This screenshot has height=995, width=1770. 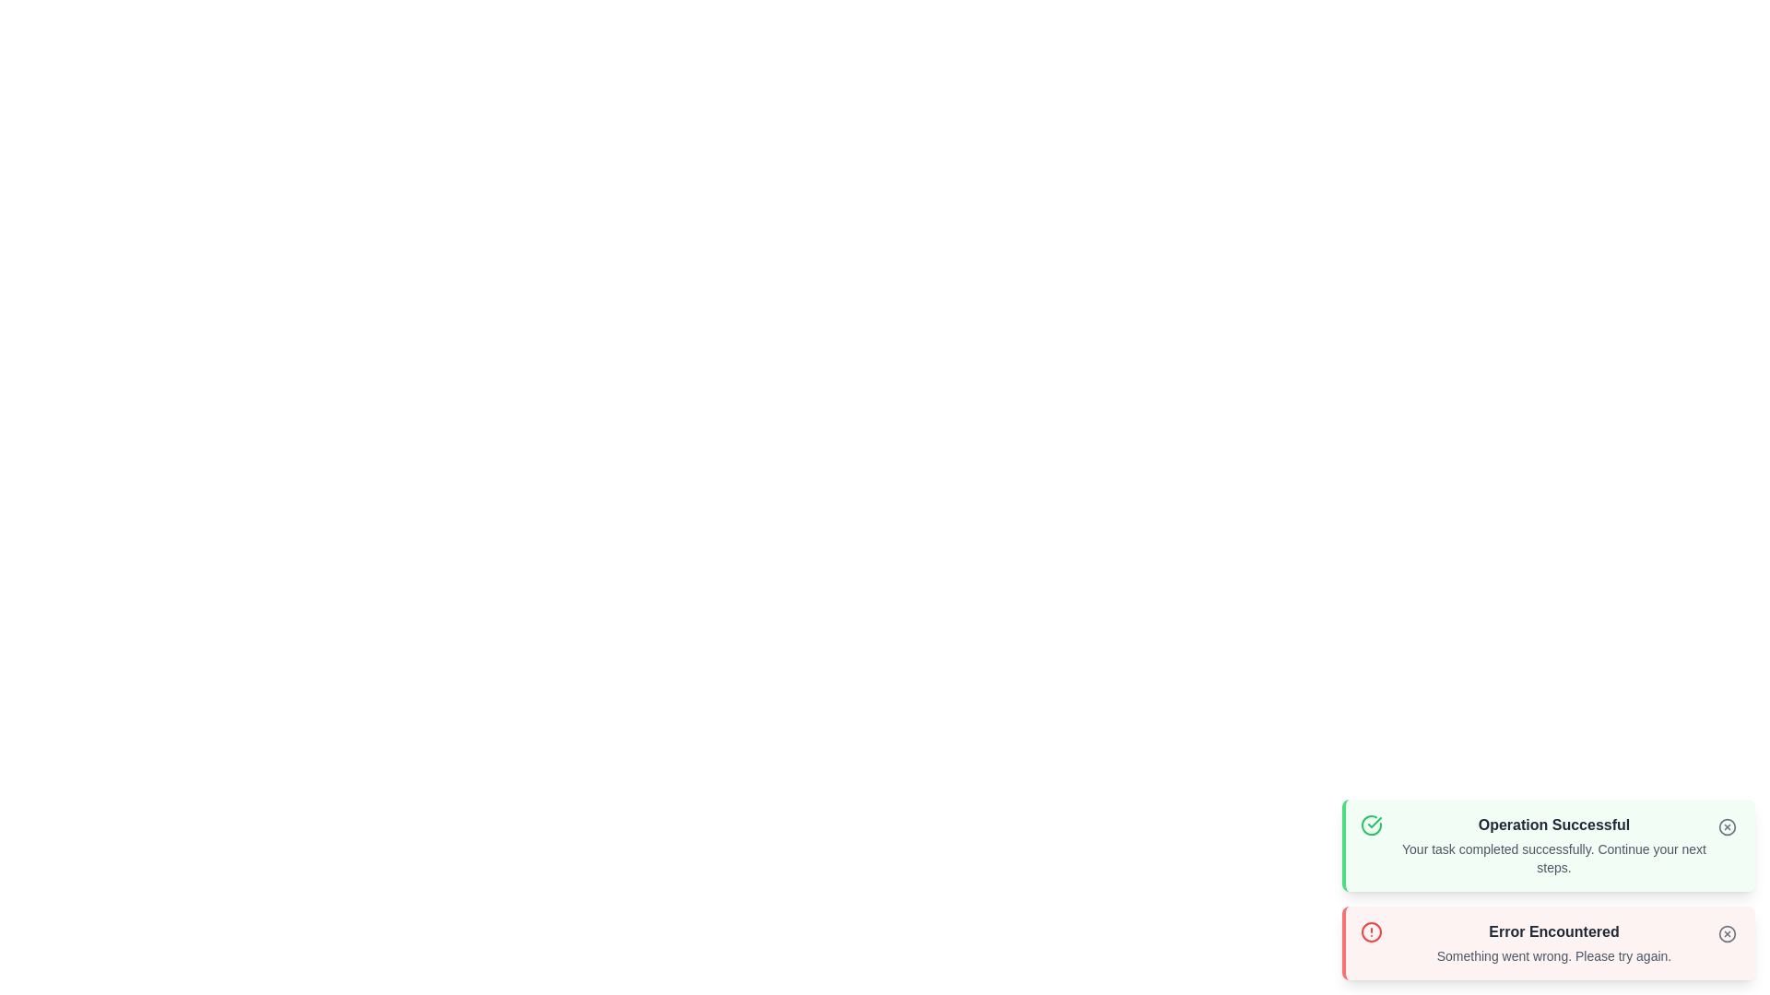 What do you see at coordinates (1726, 934) in the screenshot?
I see `the button located at the top-right corner of the red-themed notification card` at bounding box center [1726, 934].